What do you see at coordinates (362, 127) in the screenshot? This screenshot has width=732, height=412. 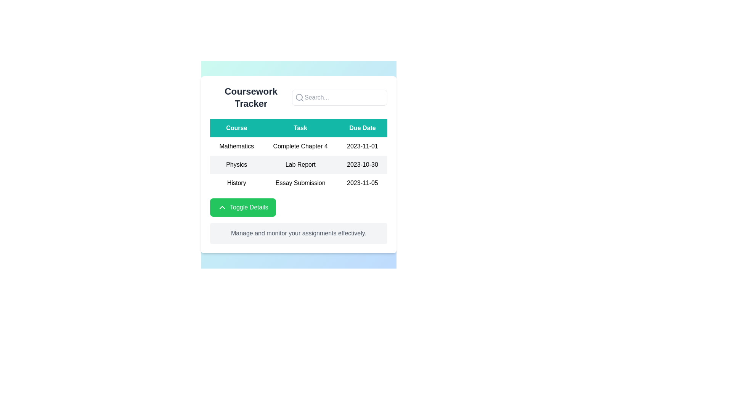 I see `the 'Due Date' label, which is the rightmost column header styled with a green background and white text in the coursework information layout` at bounding box center [362, 127].